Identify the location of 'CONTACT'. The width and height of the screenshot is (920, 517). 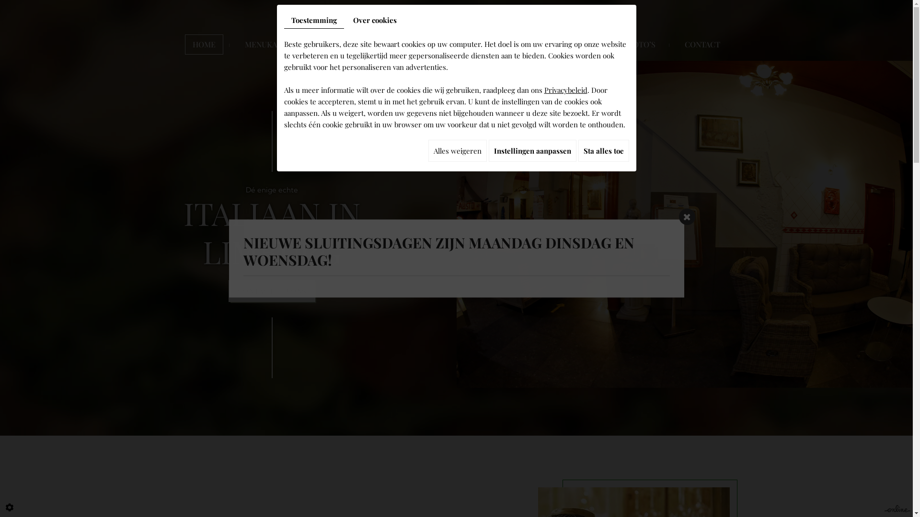
(702, 44).